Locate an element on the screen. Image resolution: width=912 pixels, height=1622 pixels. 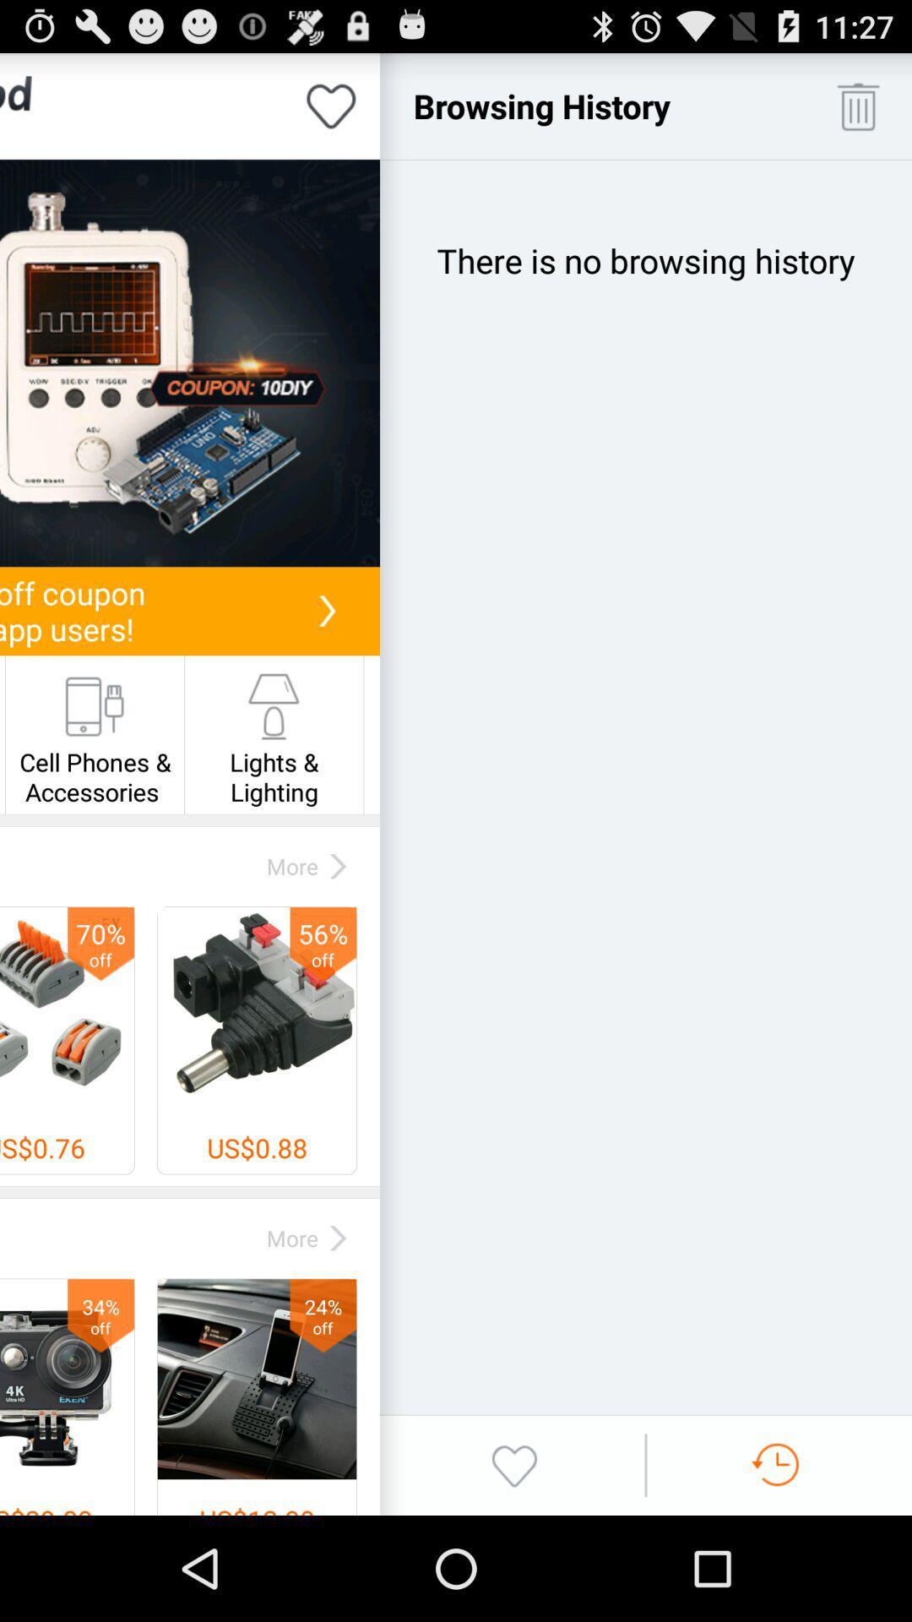
trash is located at coordinates (858, 105).